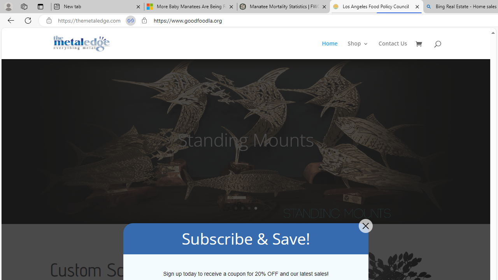 The height and width of the screenshot is (280, 498). Describe the element at coordinates (376, 7) in the screenshot. I see `'Los Angeles Food Policy Council'` at that location.